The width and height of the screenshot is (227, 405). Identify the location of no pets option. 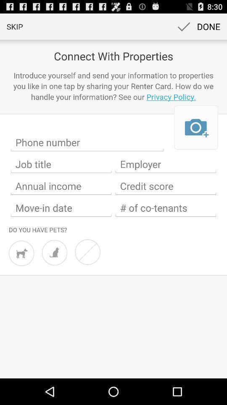
(87, 252).